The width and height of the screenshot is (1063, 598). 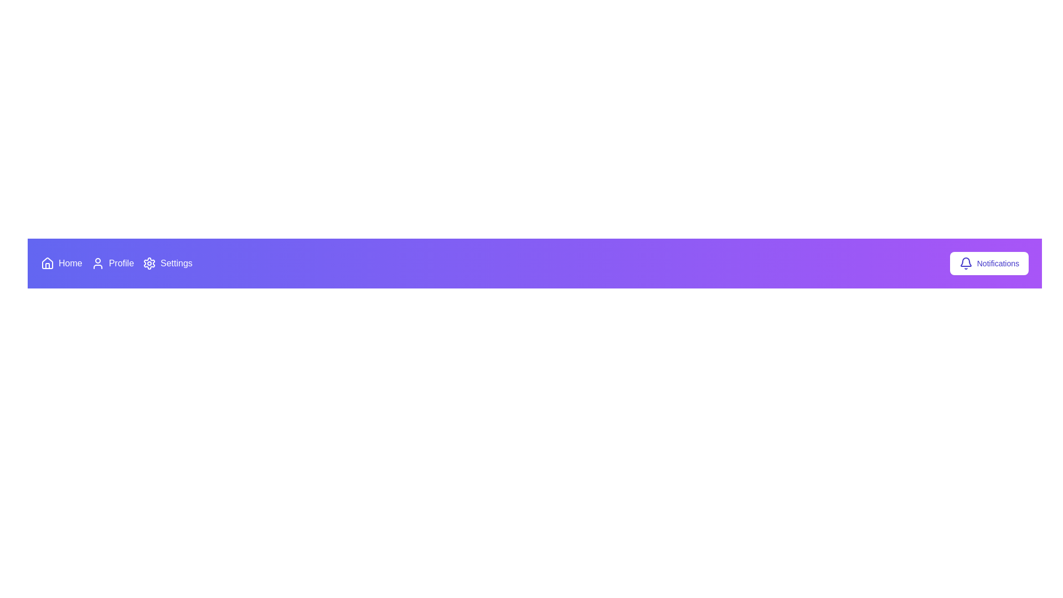 I want to click on the house icon located in the top navigation bar, which is the first element within the 'Home' group, so click(x=47, y=263).